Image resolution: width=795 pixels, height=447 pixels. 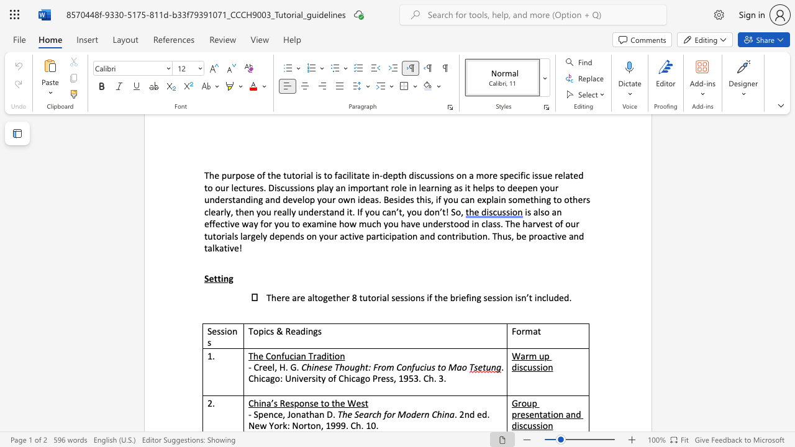 I want to click on the subset text "odern" within the text "The Search for Modern China", so click(x=406, y=414).